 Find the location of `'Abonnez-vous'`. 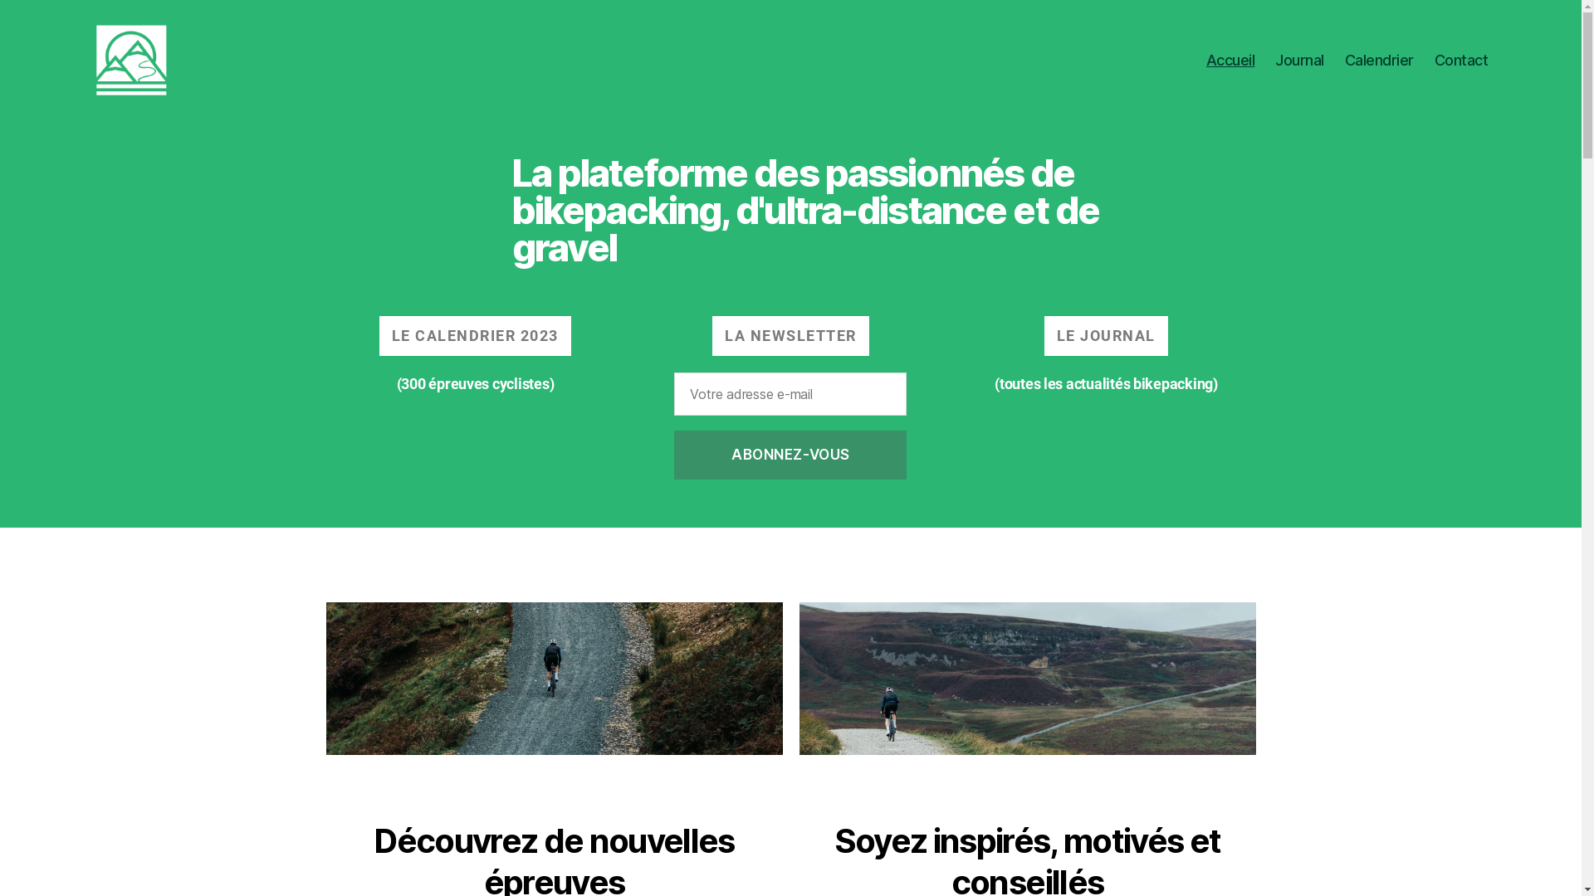

'Abonnez-vous' is located at coordinates (789, 455).